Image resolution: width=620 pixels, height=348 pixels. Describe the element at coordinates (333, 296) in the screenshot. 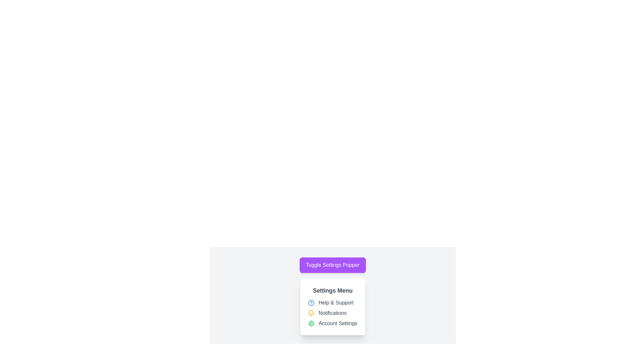

I see `the 'Settings Menu' pop-up menu` at that location.